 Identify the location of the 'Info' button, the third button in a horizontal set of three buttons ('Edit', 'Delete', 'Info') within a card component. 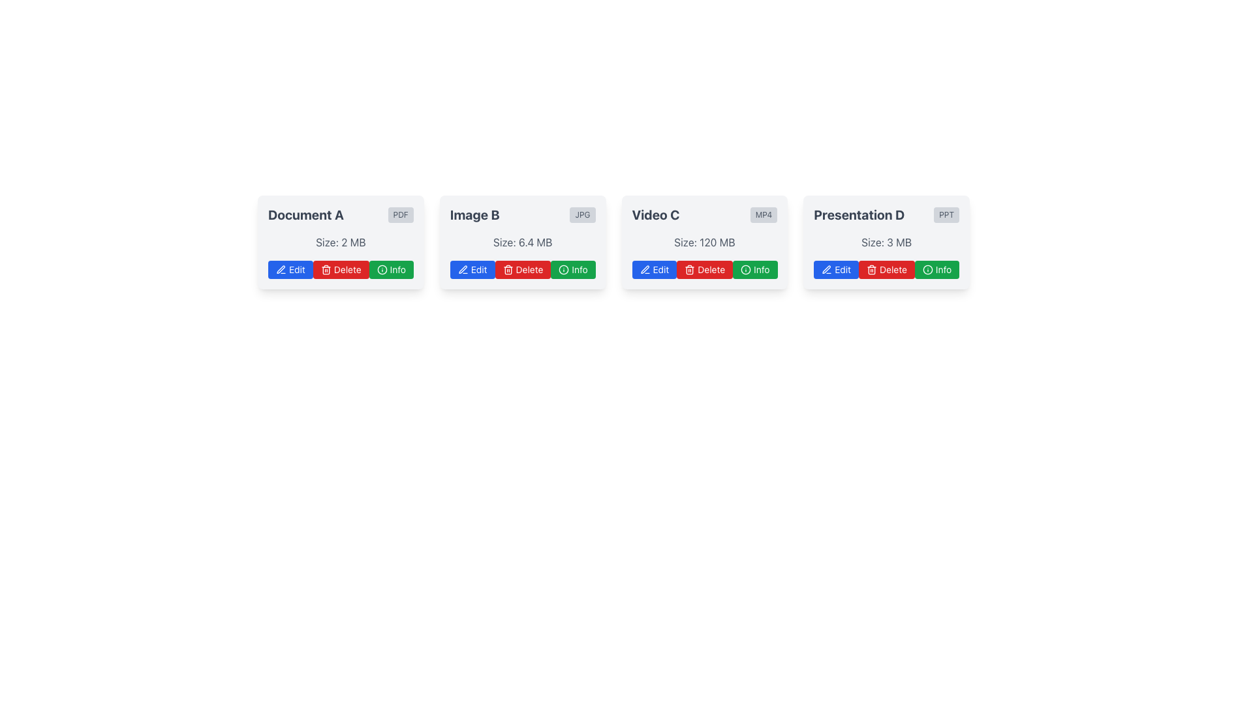
(390, 269).